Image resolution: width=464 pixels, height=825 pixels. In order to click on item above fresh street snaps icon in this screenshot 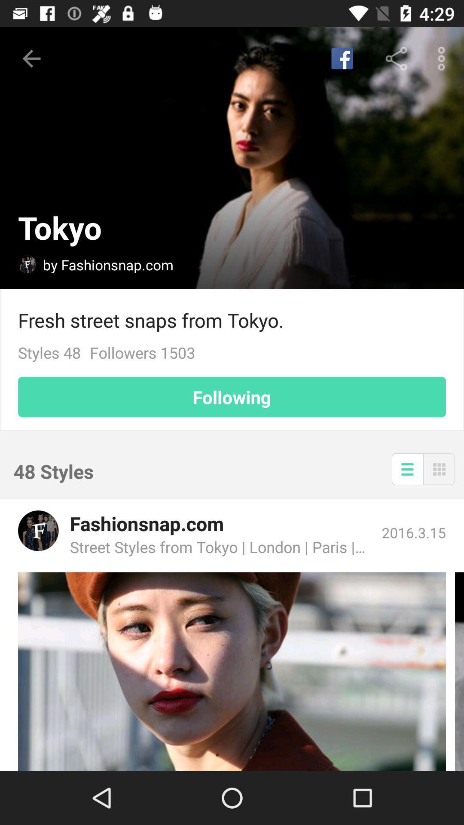, I will do `click(342, 58)`.